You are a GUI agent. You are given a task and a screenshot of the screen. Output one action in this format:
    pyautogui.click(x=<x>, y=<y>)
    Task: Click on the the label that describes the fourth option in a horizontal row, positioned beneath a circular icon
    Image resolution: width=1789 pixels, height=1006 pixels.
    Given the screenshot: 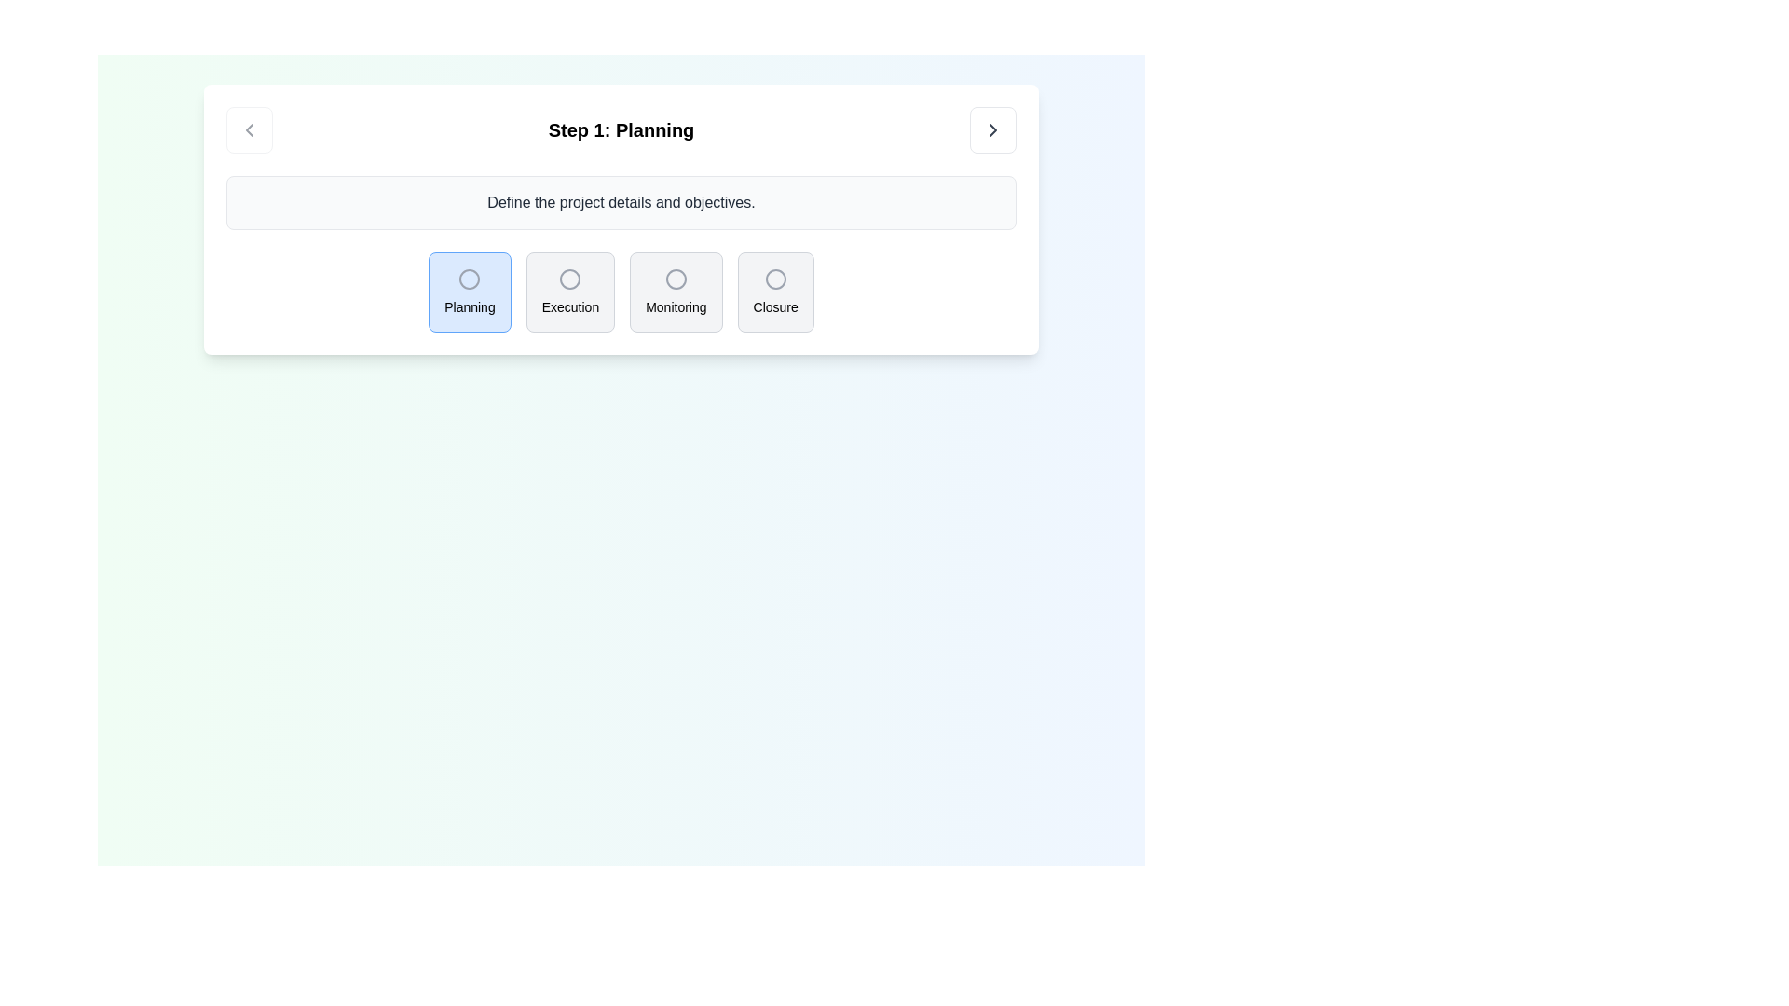 What is the action you would take?
    pyautogui.click(x=775, y=306)
    